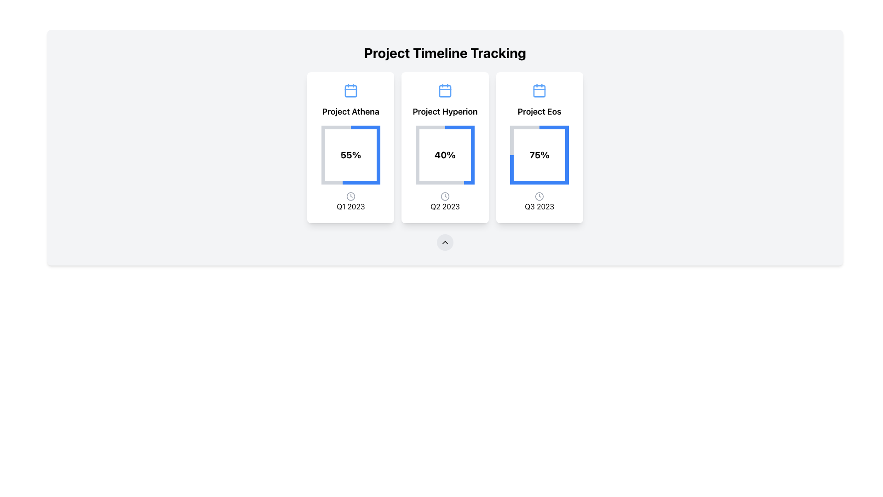 Image resolution: width=883 pixels, height=497 pixels. I want to click on the Circular Progress Indicator that visually represents '75%' progress within the 'Project Eos' card, located above the 'Q3 2023' text, so click(539, 154).